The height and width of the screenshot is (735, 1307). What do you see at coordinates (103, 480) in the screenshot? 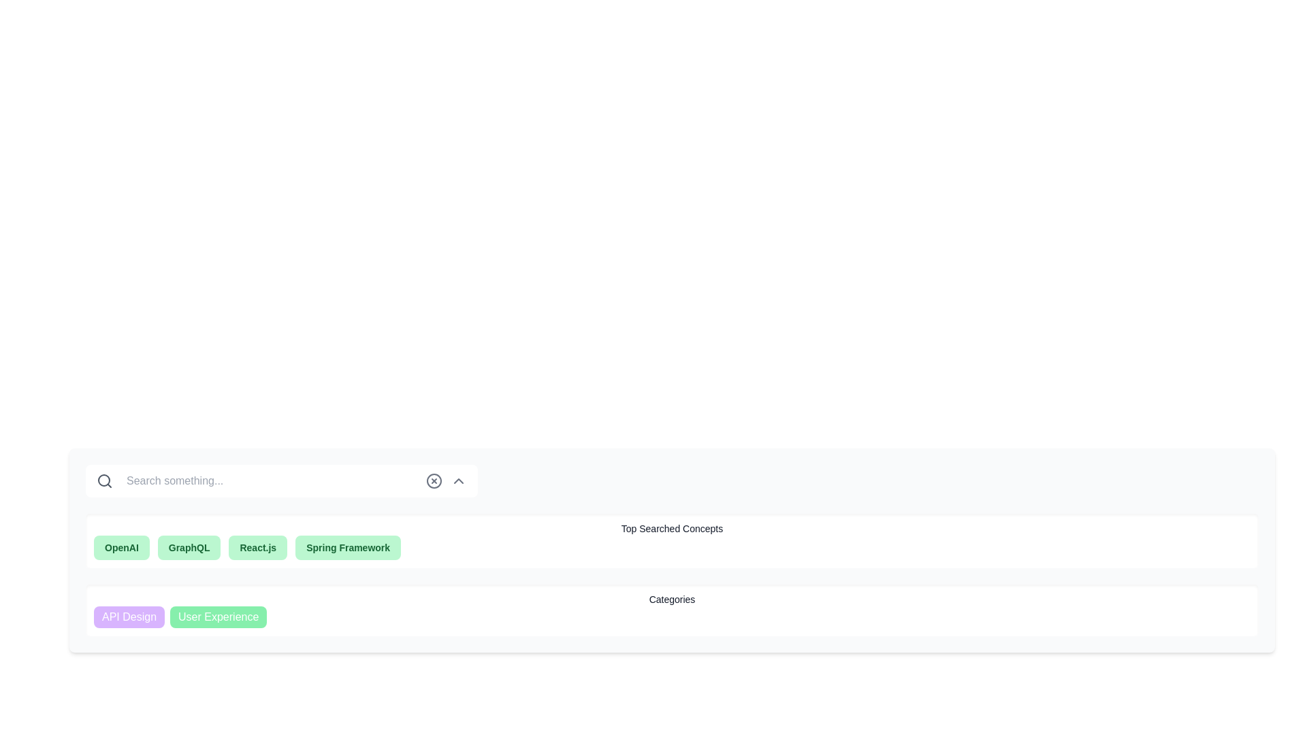
I see `the search icon located at the far left of the central search bar to initiate the search functionality` at bounding box center [103, 480].